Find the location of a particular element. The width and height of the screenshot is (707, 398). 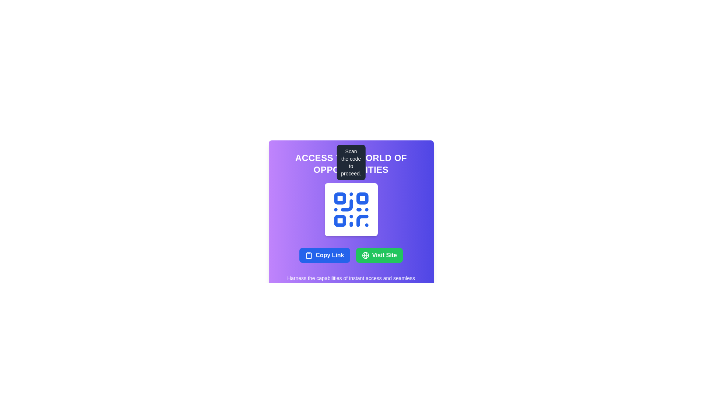

the icon in the top-left position of the 'Visit Site' button, which visually indicates navigation to a specific site is located at coordinates (365, 255).